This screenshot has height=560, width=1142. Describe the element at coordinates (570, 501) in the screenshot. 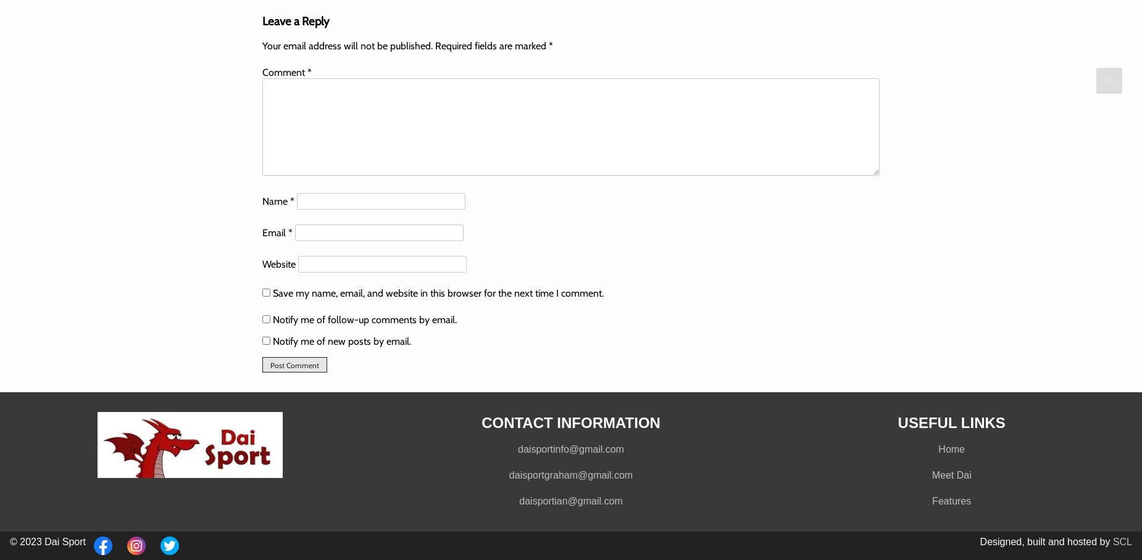

I see `'daisportian@gmail.com'` at that location.